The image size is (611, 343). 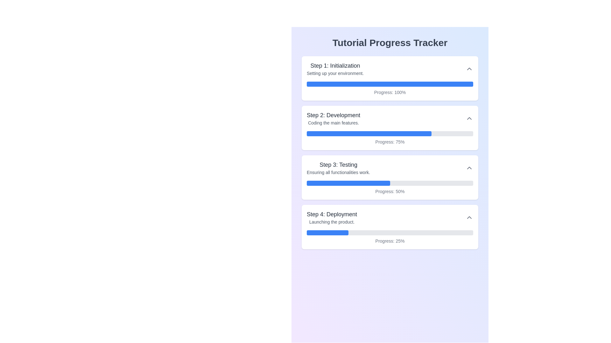 What do you see at coordinates (390, 128) in the screenshot?
I see `descriptions associated with the Informational card displaying the progress status for the 'Development' step, which is the second card in the vertical list of progress cards within the 'Tutorial Progress Tracker.'` at bounding box center [390, 128].